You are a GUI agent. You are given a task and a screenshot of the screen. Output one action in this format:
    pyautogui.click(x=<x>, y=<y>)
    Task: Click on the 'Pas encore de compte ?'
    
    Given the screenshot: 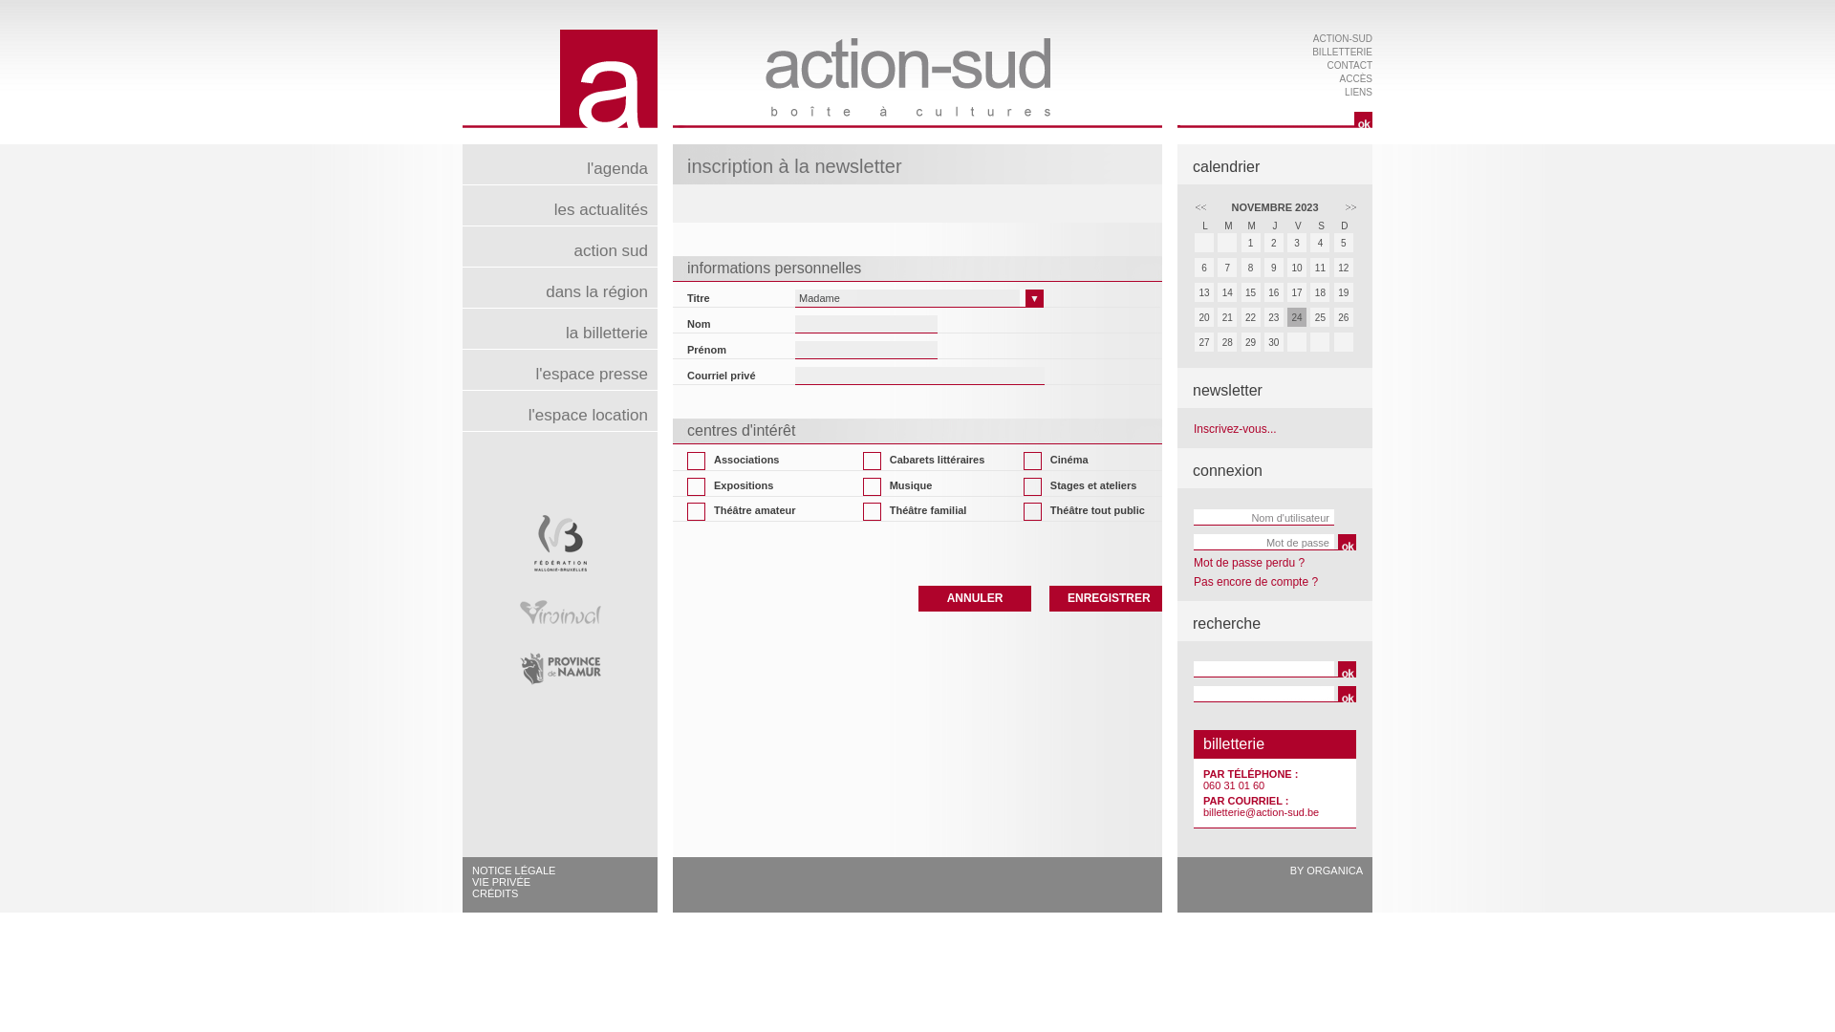 What is the action you would take?
    pyautogui.click(x=1192, y=581)
    